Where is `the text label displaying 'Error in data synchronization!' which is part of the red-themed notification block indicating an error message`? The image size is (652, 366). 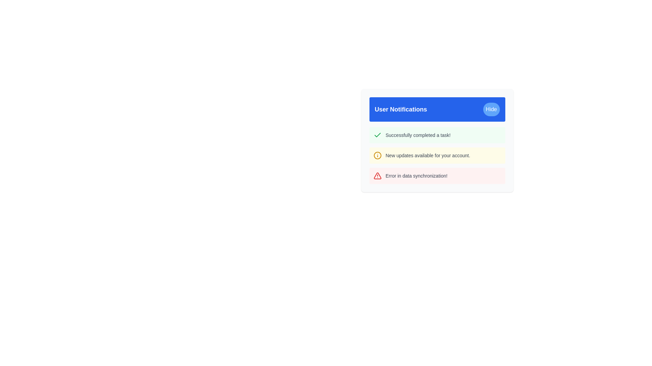 the text label displaying 'Error in data synchronization!' which is part of the red-themed notification block indicating an error message is located at coordinates (416, 176).